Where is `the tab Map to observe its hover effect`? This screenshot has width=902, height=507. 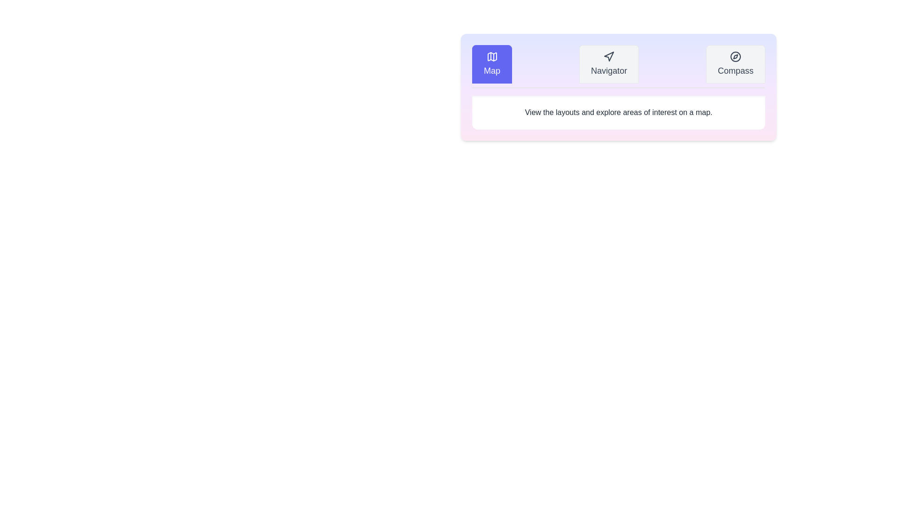
the tab Map to observe its hover effect is located at coordinates (491, 64).